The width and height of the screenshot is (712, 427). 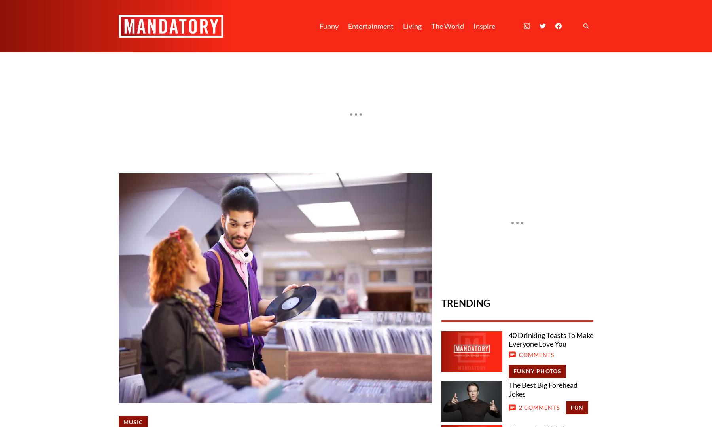 I want to click on 'Record Store Day 2019', so click(x=161, y=329).